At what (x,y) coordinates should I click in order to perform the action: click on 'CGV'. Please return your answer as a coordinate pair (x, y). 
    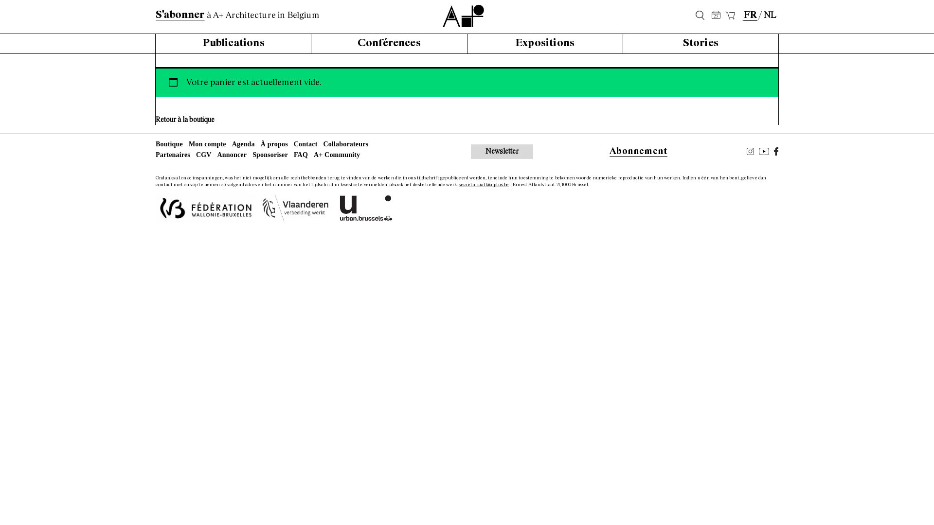
    Looking at the image, I should click on (203, 154).